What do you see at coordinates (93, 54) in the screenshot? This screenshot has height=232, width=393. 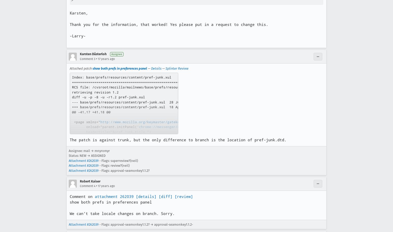 I see `'Karsten Düsterloh'` at bounding box center [93, 54].